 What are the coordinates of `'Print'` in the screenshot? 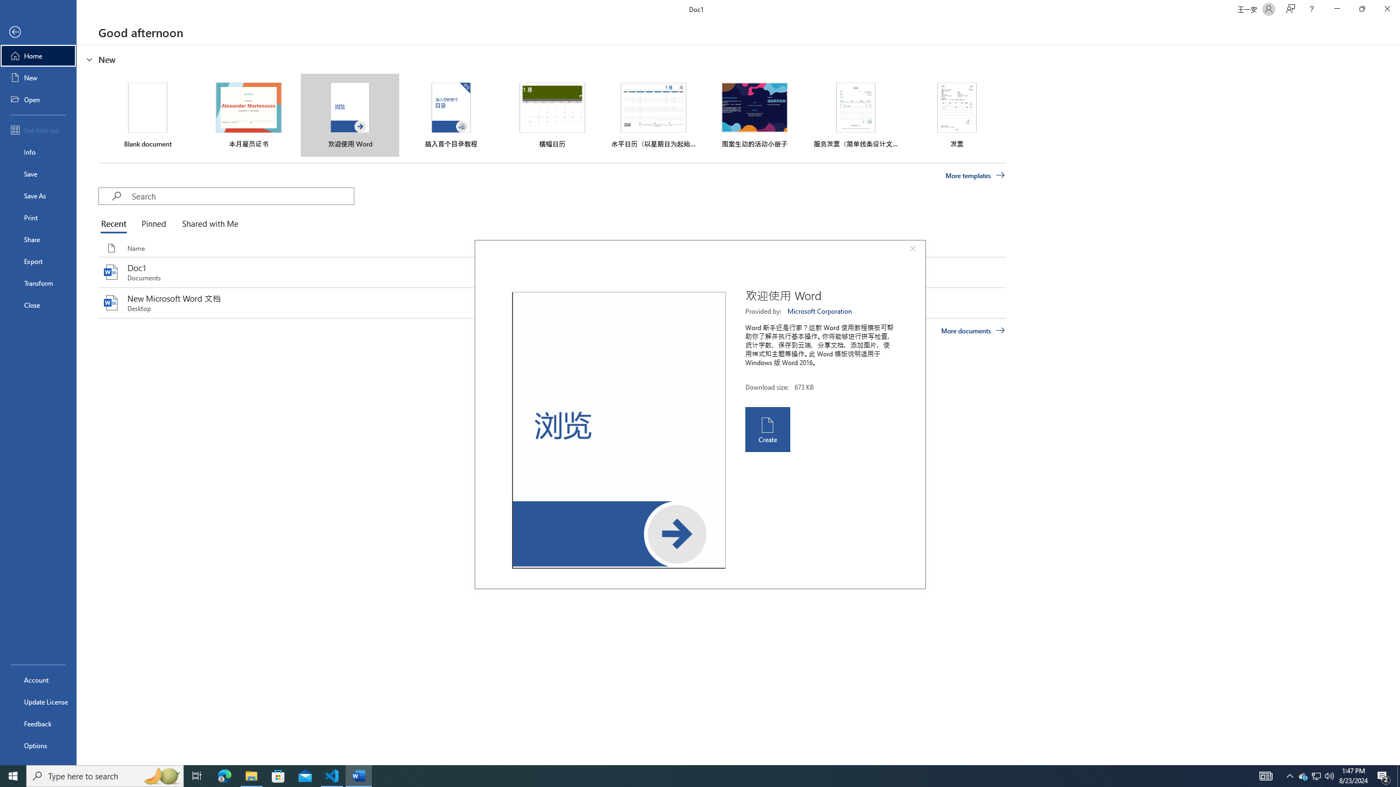 It's located at (38, 217).